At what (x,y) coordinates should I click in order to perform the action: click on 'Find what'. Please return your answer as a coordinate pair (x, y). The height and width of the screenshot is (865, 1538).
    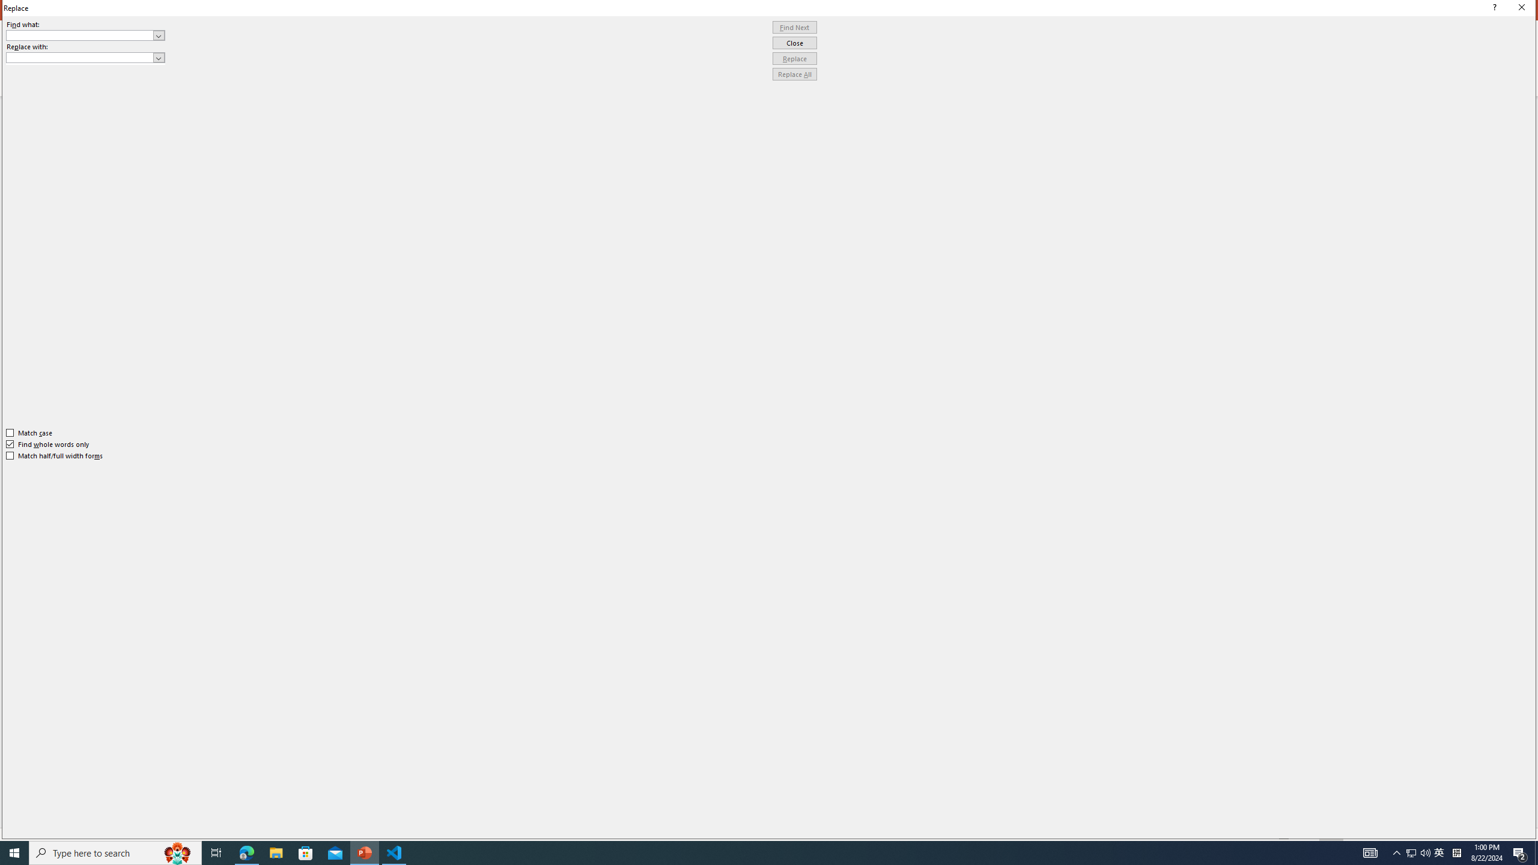
    Looking at the image, I should click on (80, 35).